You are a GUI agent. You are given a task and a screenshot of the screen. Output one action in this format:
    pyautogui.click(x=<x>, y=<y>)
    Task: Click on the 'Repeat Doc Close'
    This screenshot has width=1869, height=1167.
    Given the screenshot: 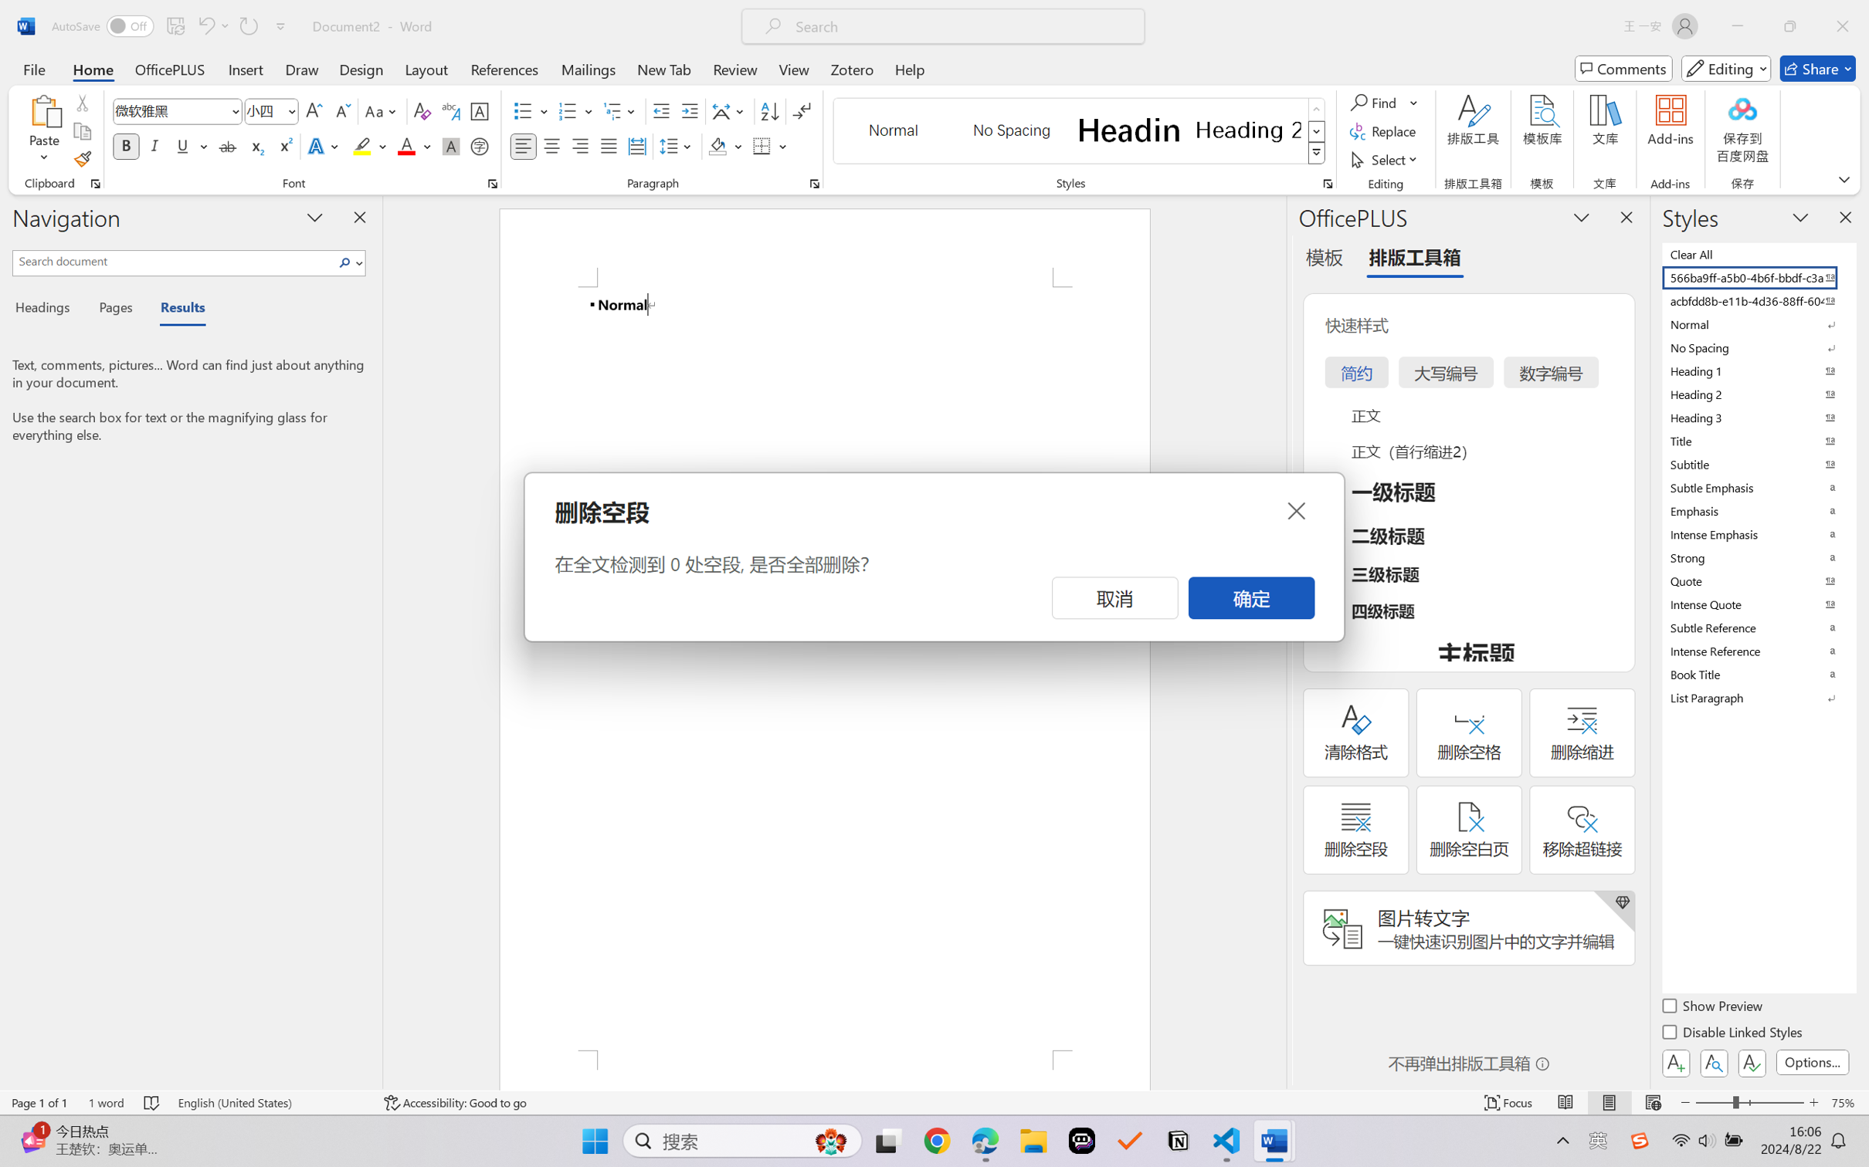 What is the action you would take?
    pyautogui.click(x=247, y=25)
    